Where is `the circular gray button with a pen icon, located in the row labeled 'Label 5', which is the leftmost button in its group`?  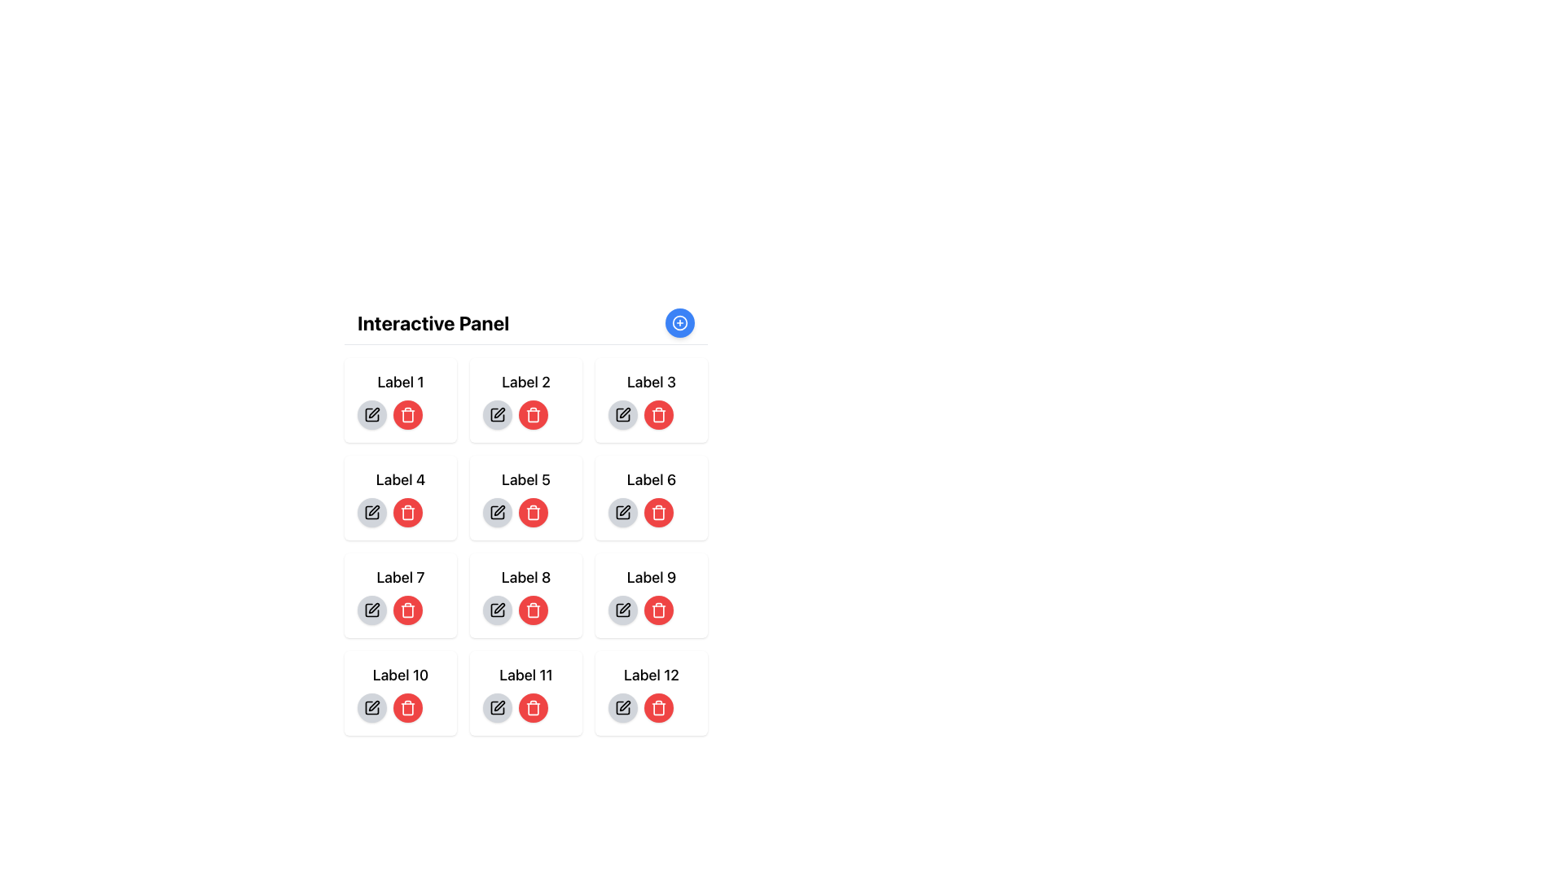
the circular gray button with a pen icon, located in the row labeled 'Label 5', which is the leftmost button in its group is located at coordinates (496, 511).